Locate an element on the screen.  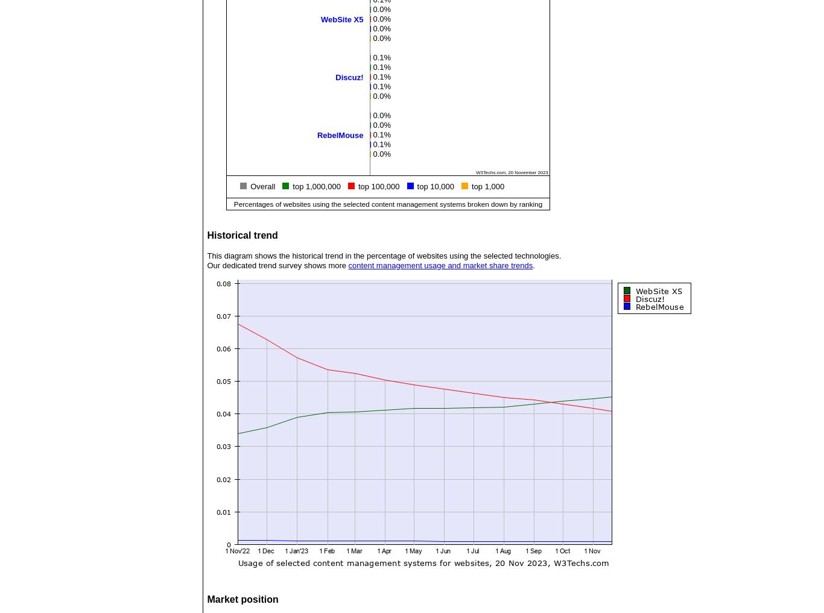
'Market position' is located at coordinates (242, 599).